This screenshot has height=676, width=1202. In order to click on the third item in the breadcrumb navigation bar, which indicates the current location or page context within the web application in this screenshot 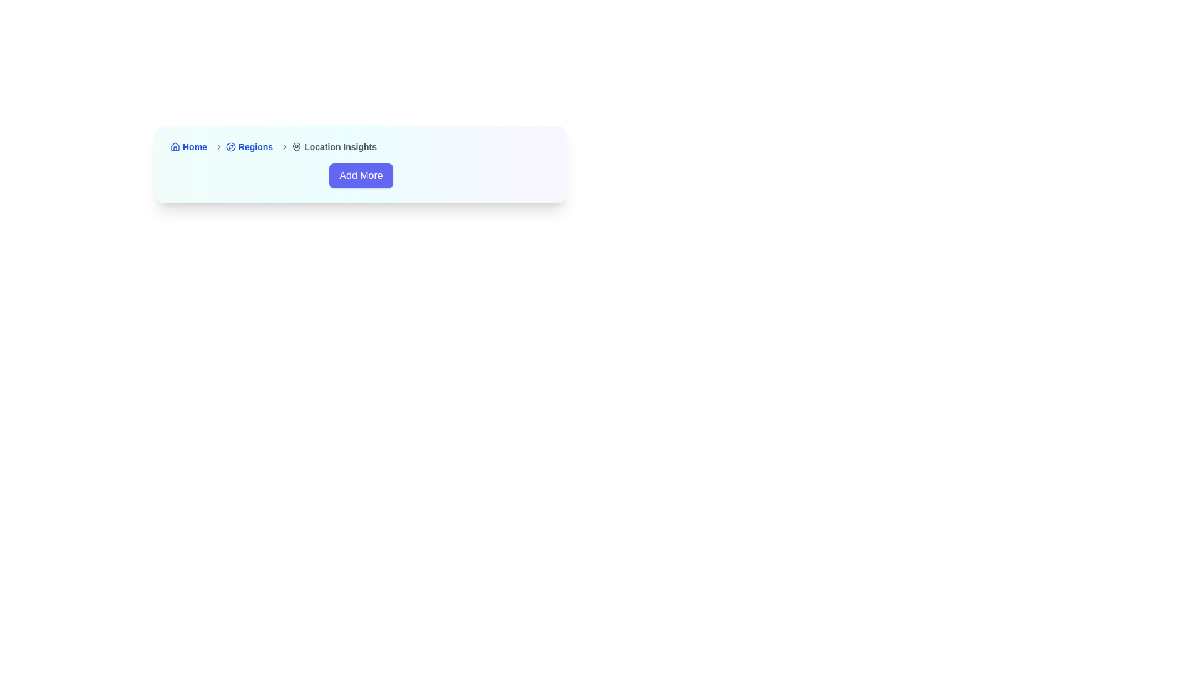, I will do `click(334, 146)`.